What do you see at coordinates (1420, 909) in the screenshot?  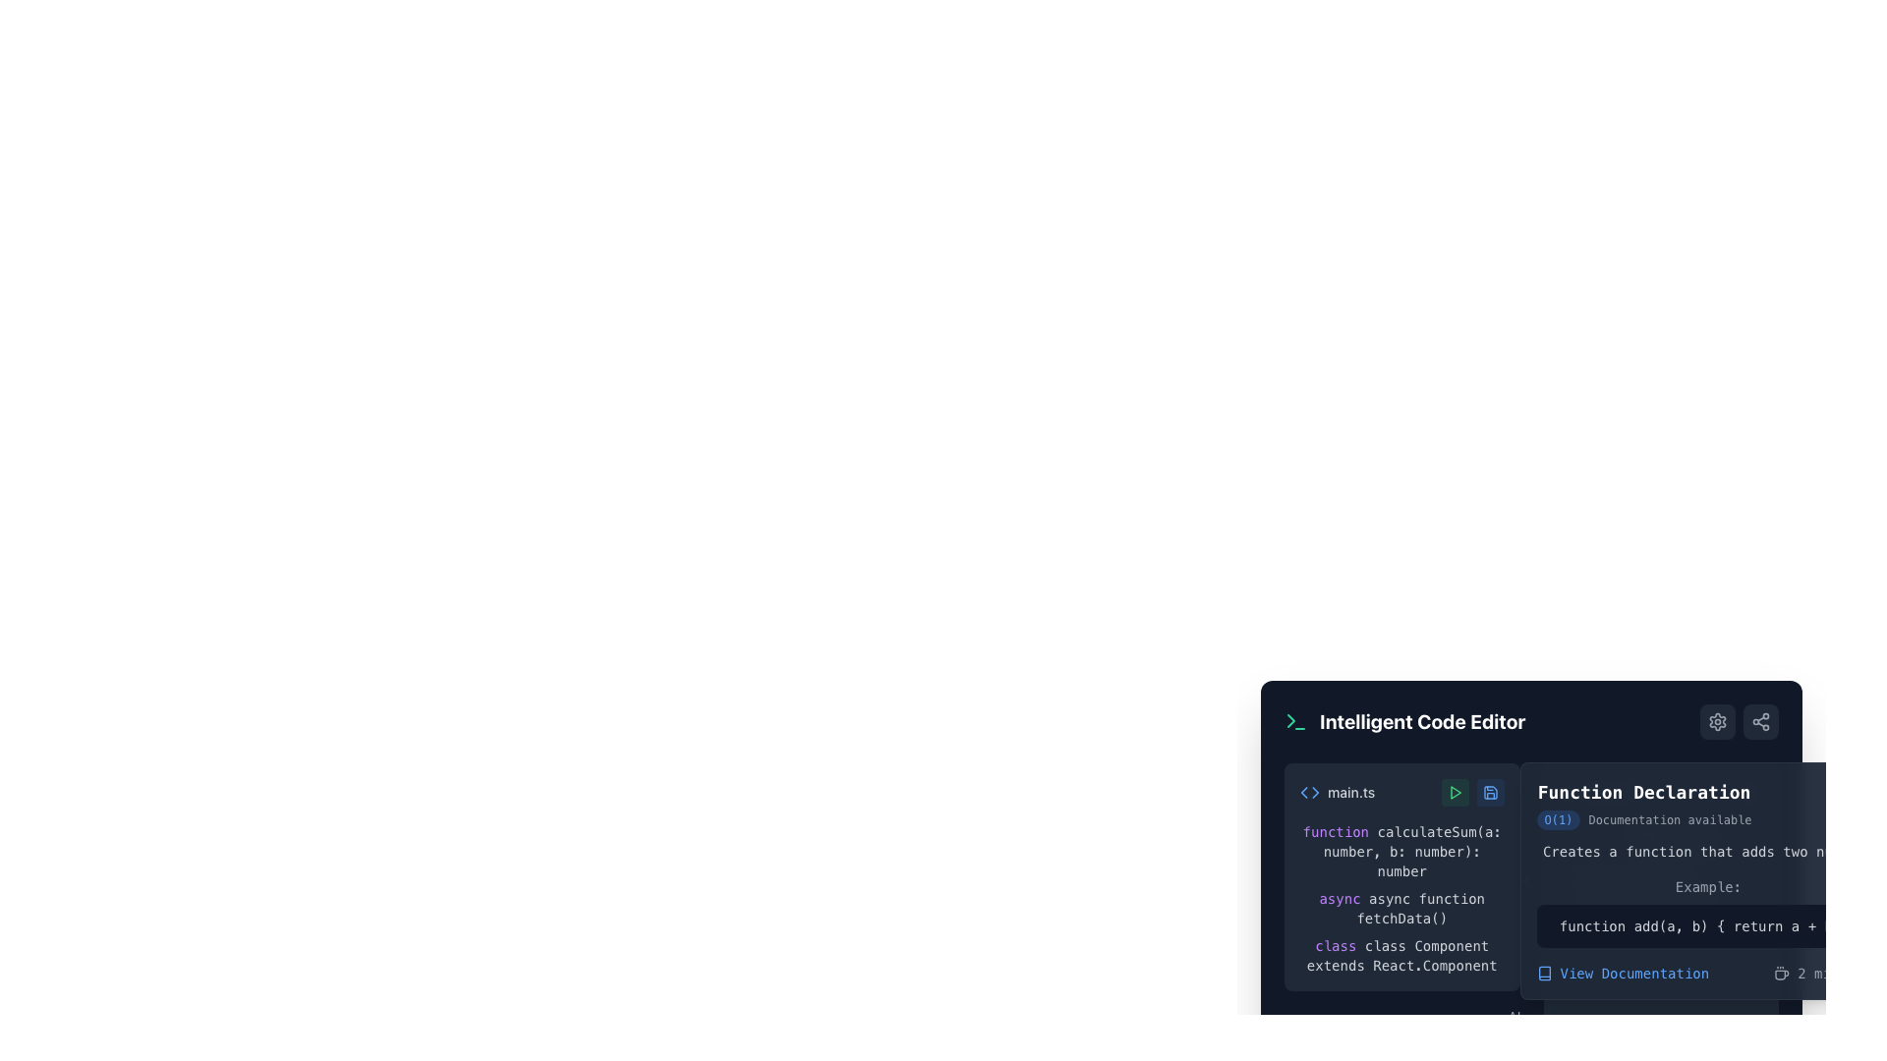 I see `the text label for the function 'fetchData' in the code editor, which appears after the purple 'async' text` at bounding box center [1420, 909].